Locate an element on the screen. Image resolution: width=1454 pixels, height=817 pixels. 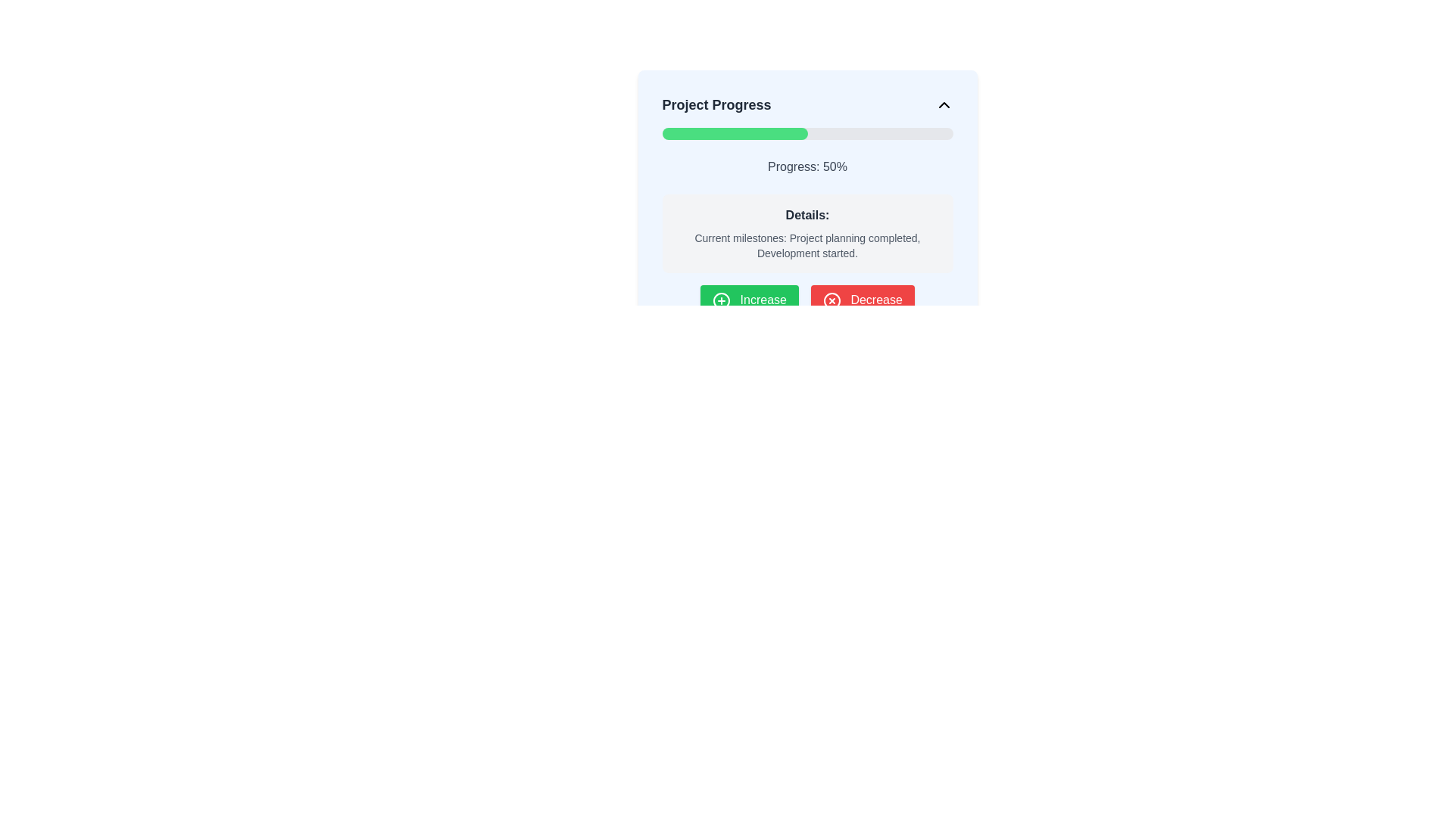
the green rectangular button labeled 'Increase' that contains the graphic icon for incrementing a value, positioned to the left of the button is located at coordinates (721, 300).